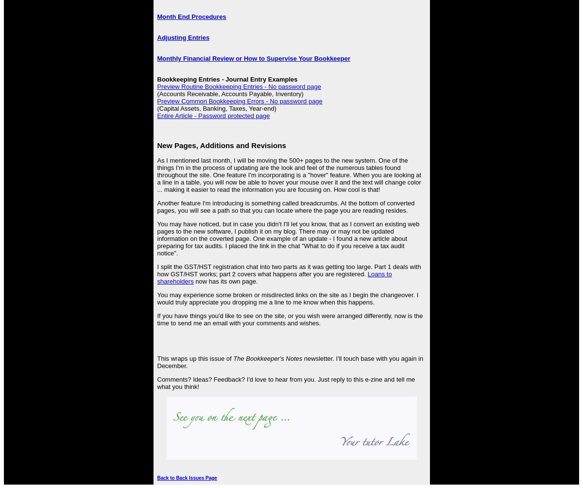  What do you see at coordinates (157, 107) in the screenshot?
I see `'(Capital Assets, Banking, Taxes, Year-end)'` at bounding box center [157, 107].